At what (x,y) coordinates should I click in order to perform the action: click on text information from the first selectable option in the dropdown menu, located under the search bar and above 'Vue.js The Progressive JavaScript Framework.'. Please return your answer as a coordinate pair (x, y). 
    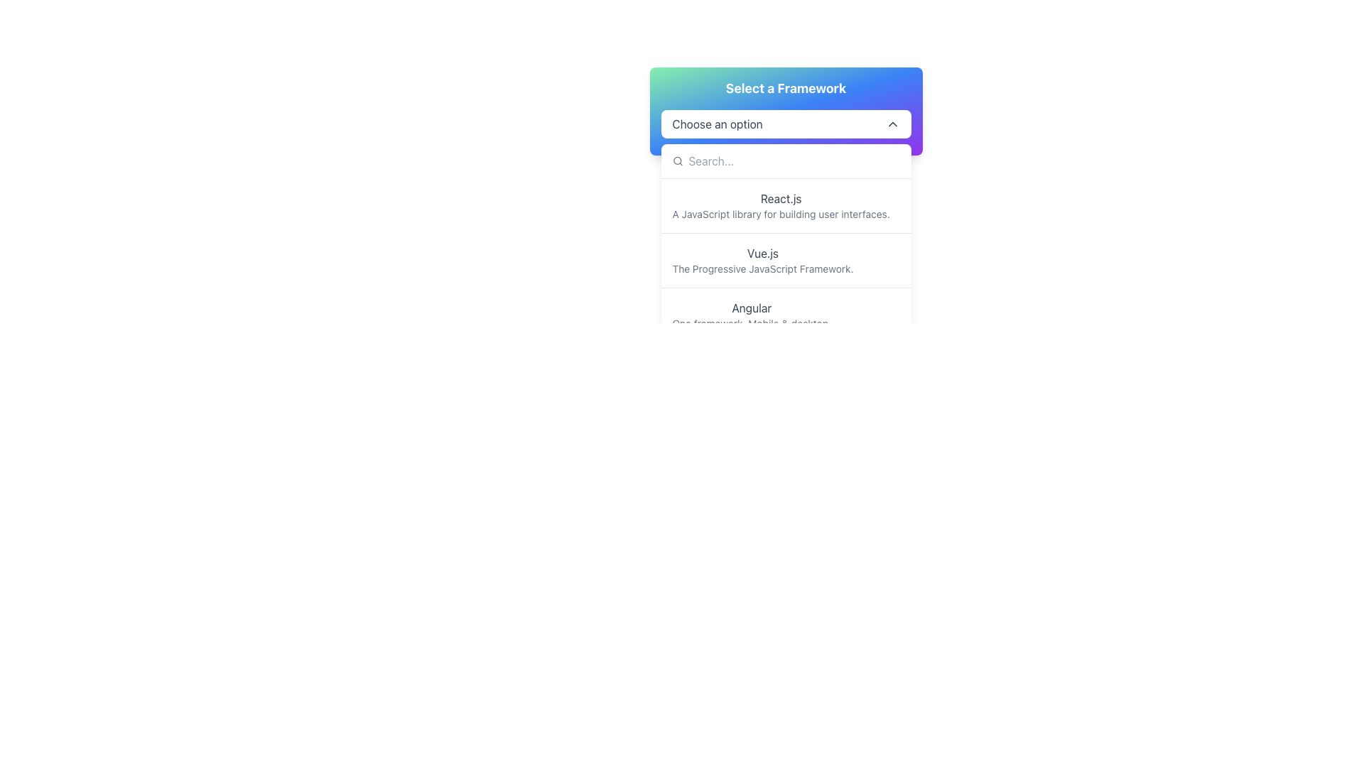
    Looking at the image, I should click on (785, 205).